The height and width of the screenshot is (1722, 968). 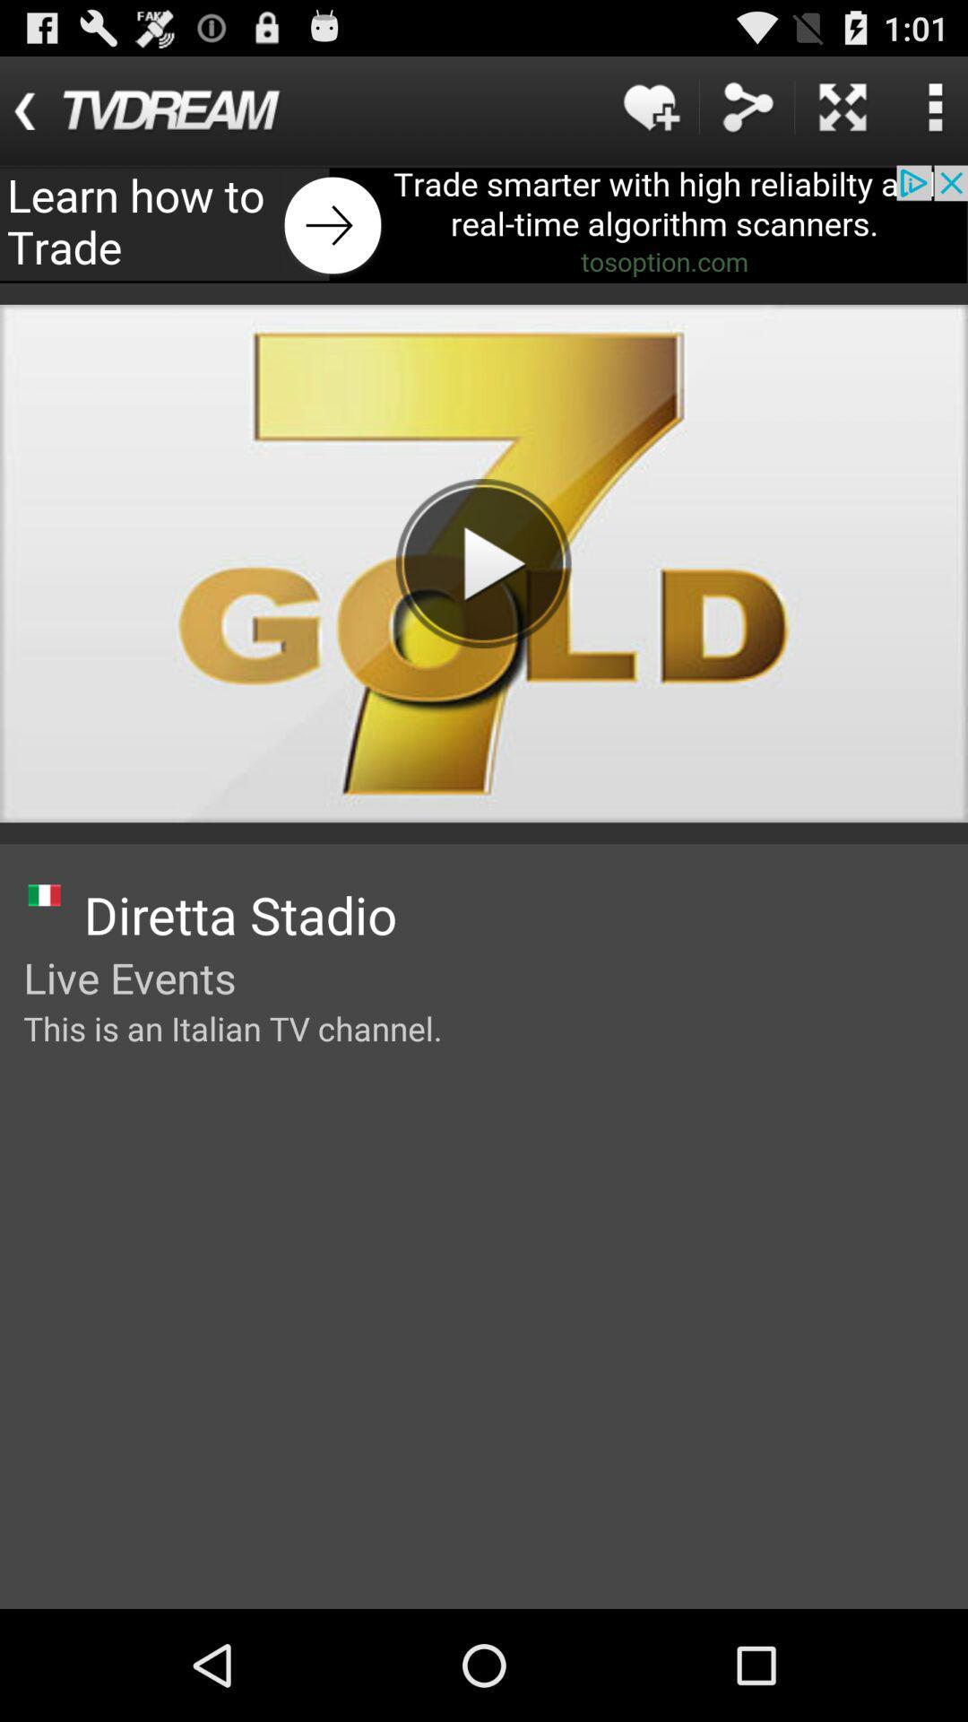 I want to click on button, so click(x=482, y=562).